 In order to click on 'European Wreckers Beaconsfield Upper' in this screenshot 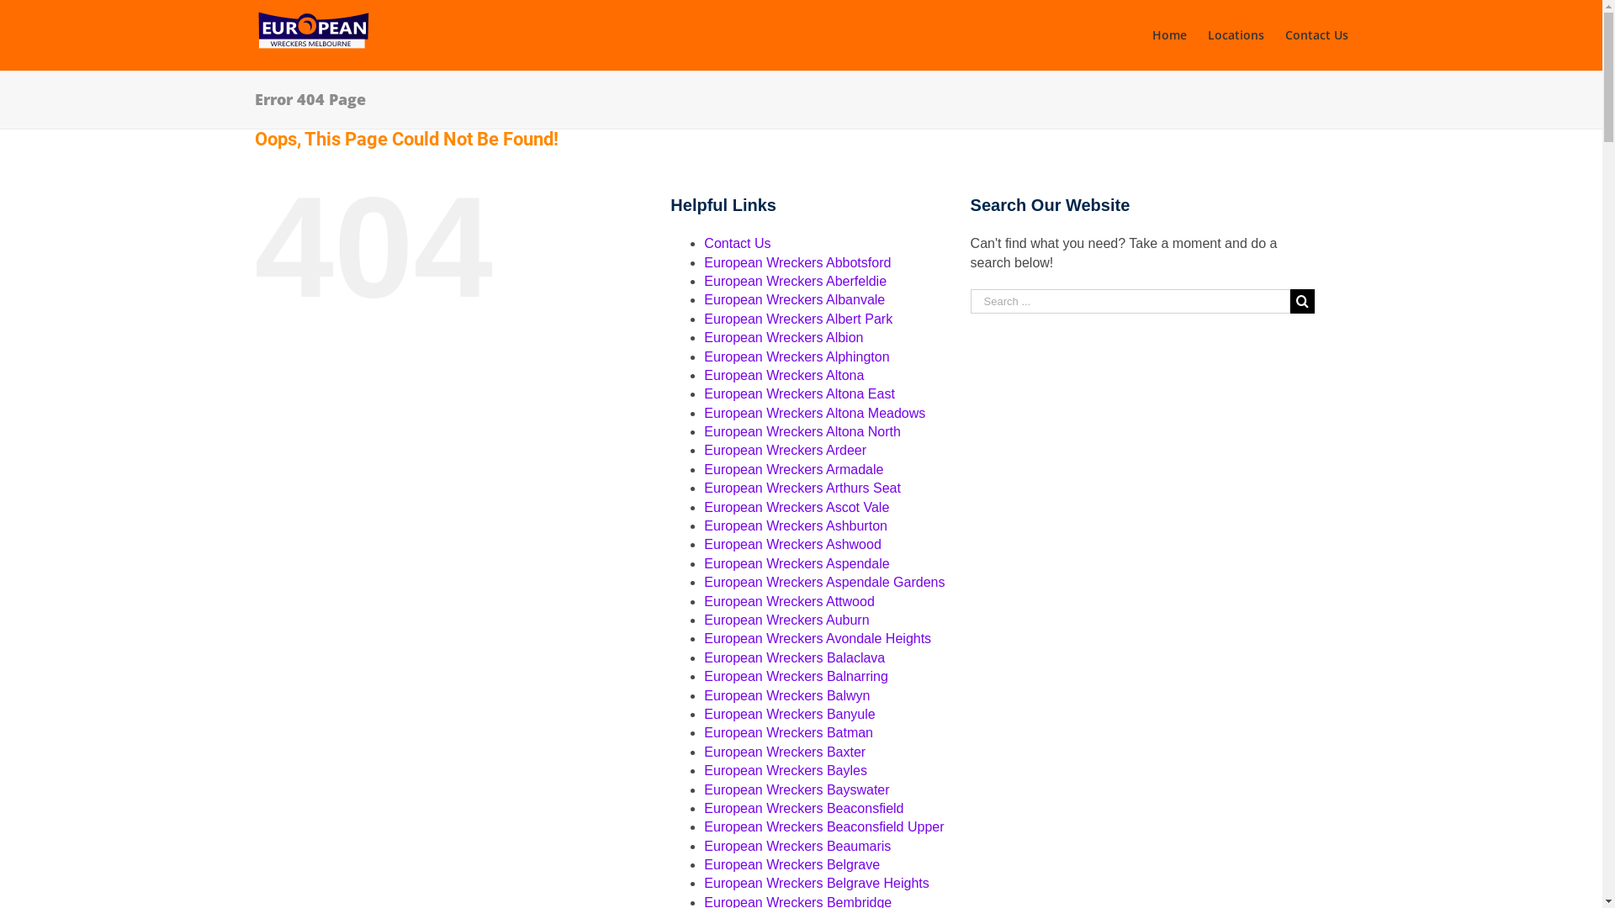, I will do `click(823, 826)`.